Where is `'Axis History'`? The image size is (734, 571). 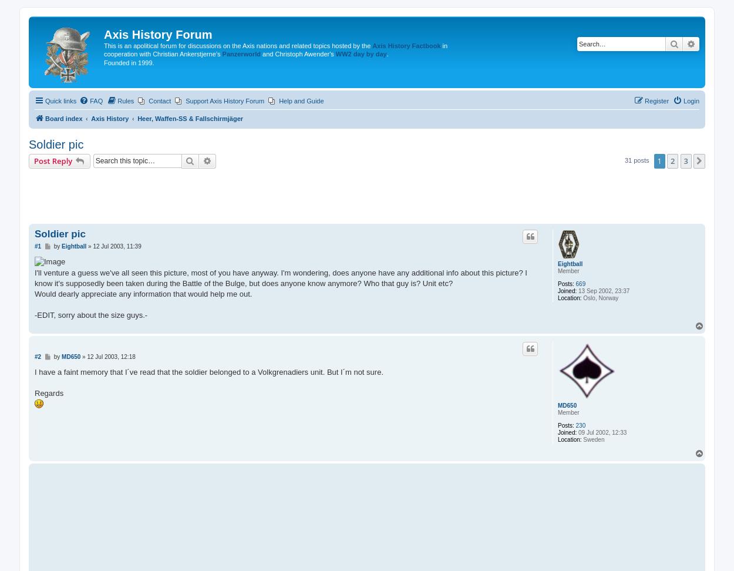 'Axis History' is located at coordinates (110, 117).